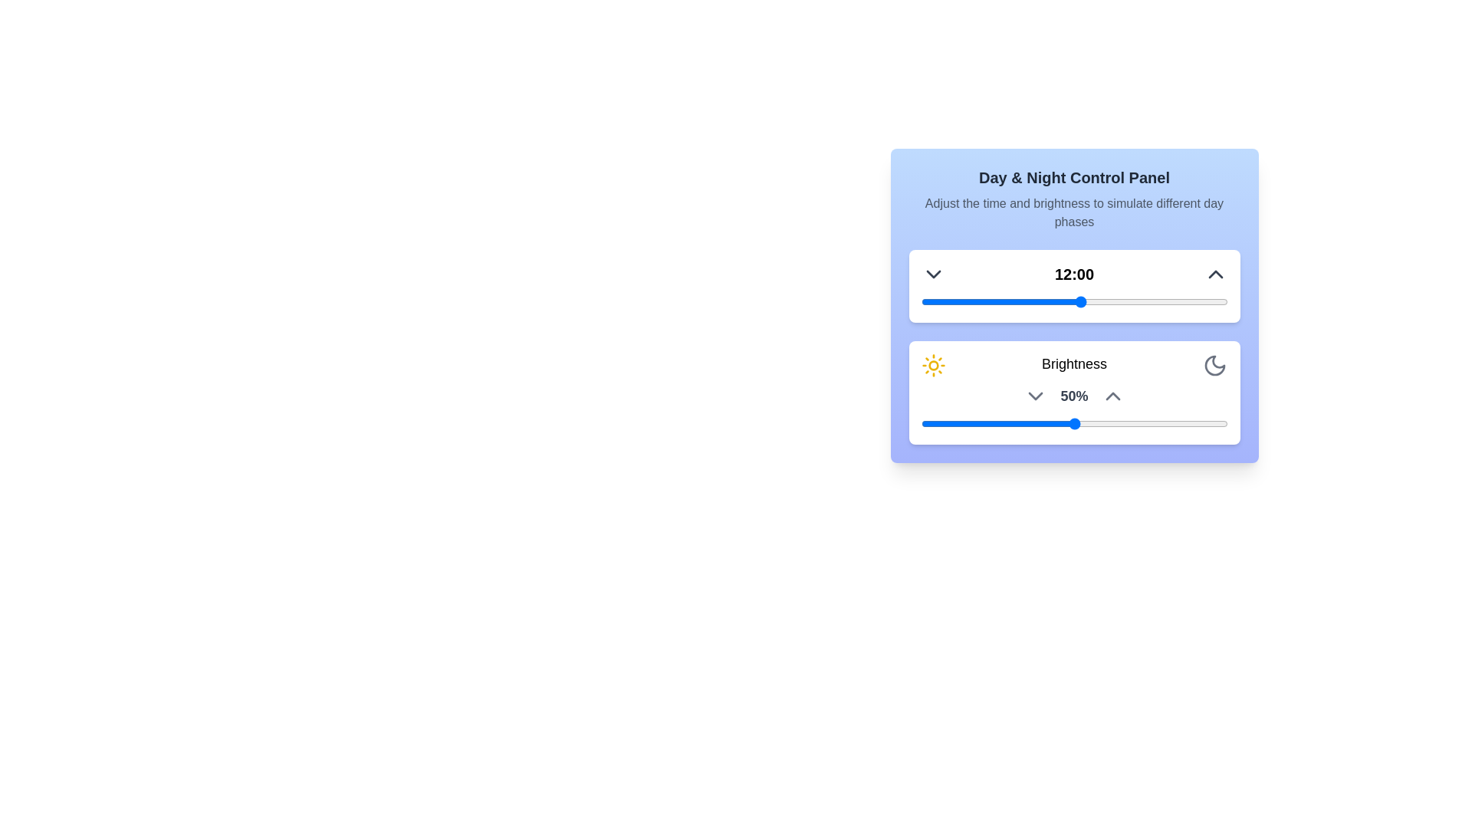  I want to click on brightness, so click(1031, 423).